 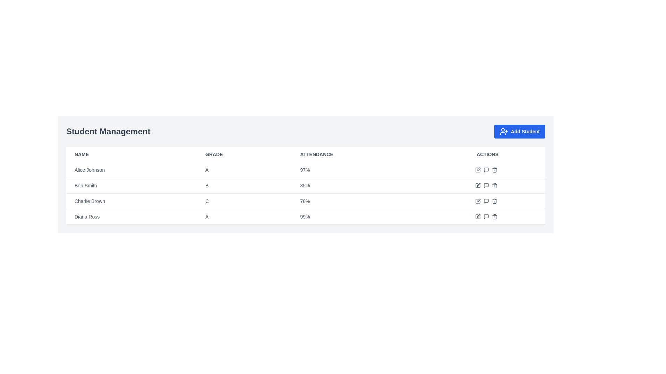 What do you see at coordinates (477, 201) in the screenshot?
I see `the square-shaped SVG icon with a pen motif located in the first position of the fourth row under the 'Actions' column for the entry of 'Diana Ross' to initiate the edit` at bounding box center [477, 201].